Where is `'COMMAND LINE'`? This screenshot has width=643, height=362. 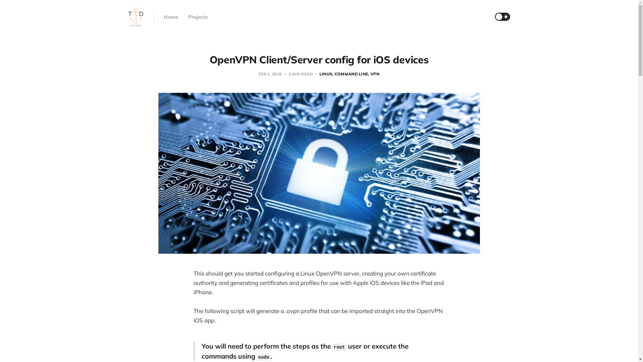
'COMMAND LINE' is located at coordinates (350, 74).